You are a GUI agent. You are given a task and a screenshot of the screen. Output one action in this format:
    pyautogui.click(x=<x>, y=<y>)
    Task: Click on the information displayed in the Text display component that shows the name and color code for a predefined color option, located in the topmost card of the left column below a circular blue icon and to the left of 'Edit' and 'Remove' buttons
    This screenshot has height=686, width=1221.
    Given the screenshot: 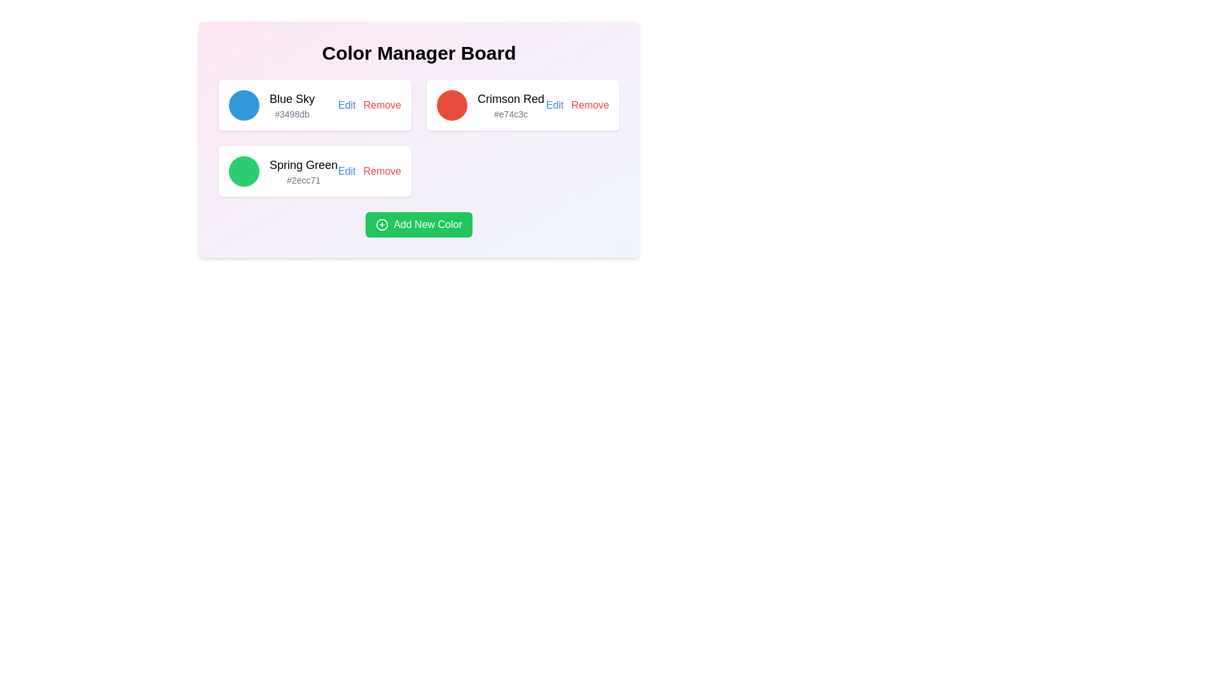 What is the action you would take?
    pyautogui.click(x=291, y=104)
    